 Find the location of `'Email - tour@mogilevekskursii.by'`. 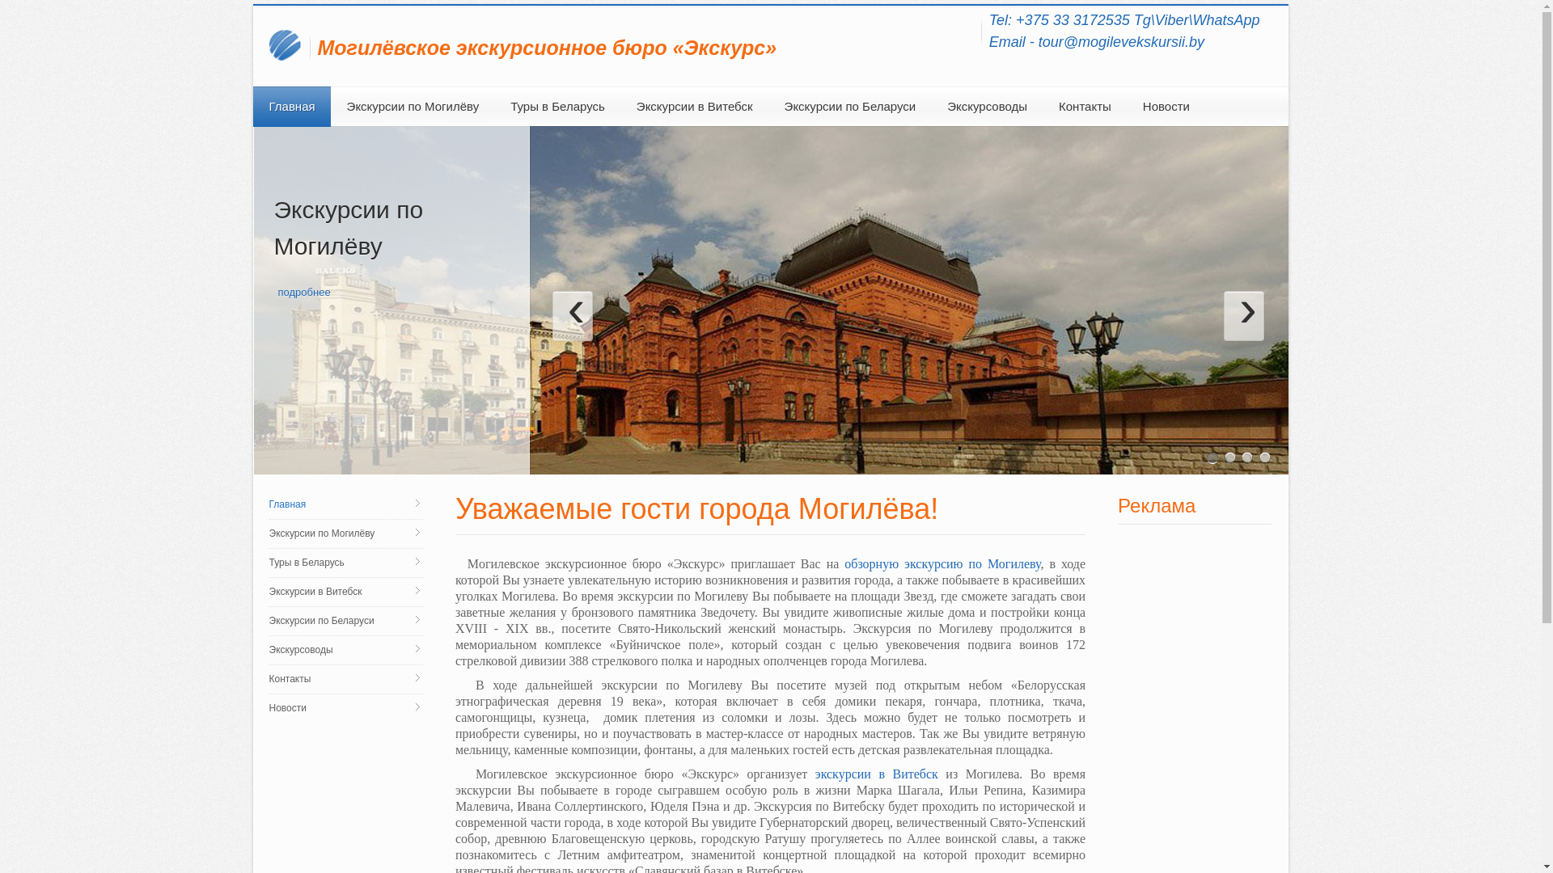

'Email - tour@mogilevekskursii.by' is located at coordinates (1097, 40).